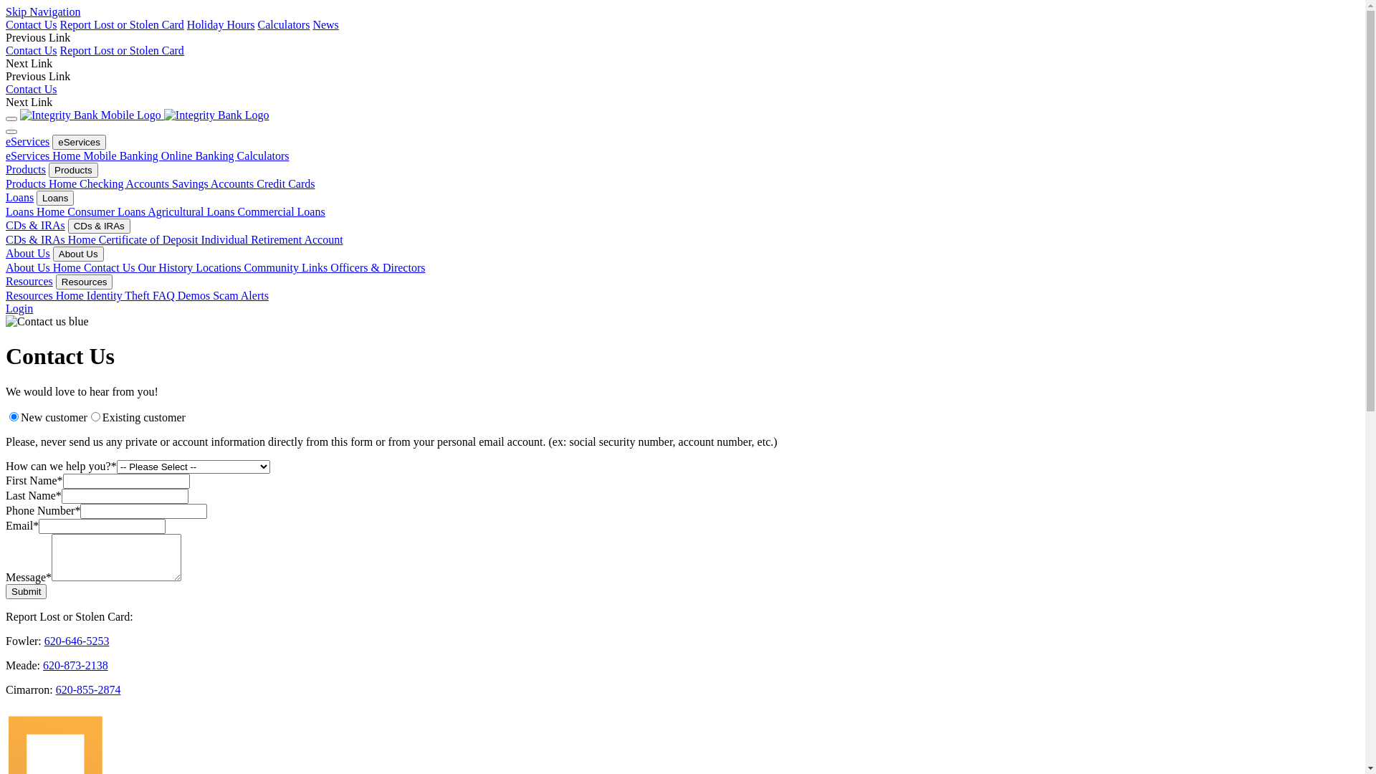  What do you see at coordinates (31, 24) in the screenshot?
I see `'Contact Us'` at bounding box center [31, 24].